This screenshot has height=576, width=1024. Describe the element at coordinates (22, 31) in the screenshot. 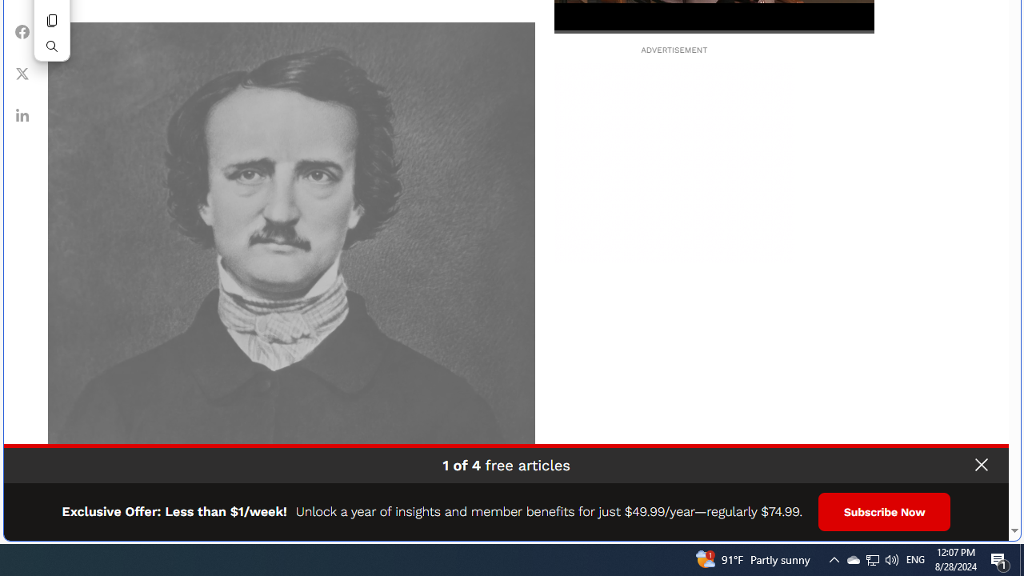

I see `'Class: fs-icon fs-icon--Facebook'` at that location.